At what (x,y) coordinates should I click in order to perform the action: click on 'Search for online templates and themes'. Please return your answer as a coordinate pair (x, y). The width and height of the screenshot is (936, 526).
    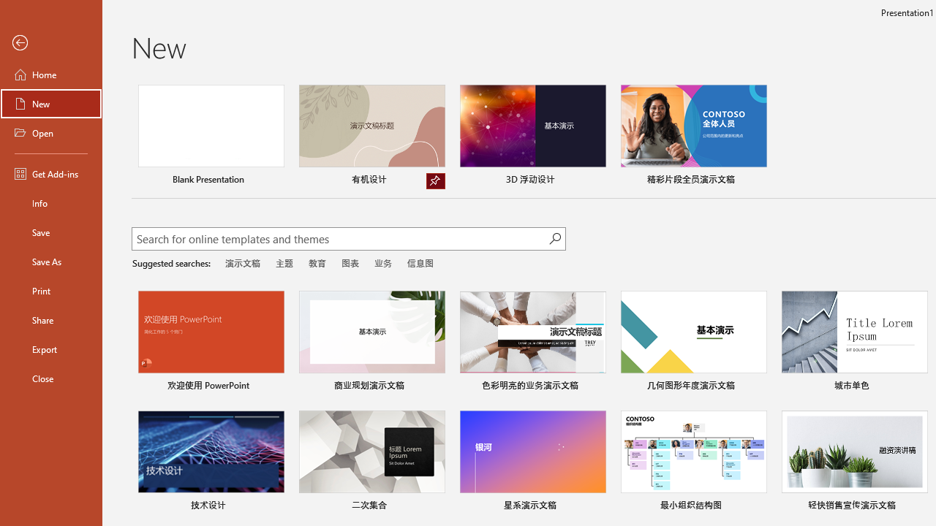
    Looking at the image, I should click on (339, 240).